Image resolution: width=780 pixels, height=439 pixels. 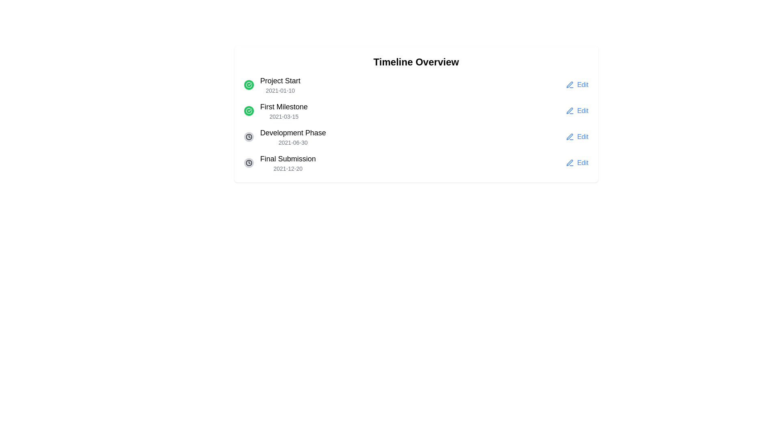 I want to click on the clock icon in the 'Development Phase' section of the timeline interface, which is the third icon in the sequence, so click(x=248, y=136).